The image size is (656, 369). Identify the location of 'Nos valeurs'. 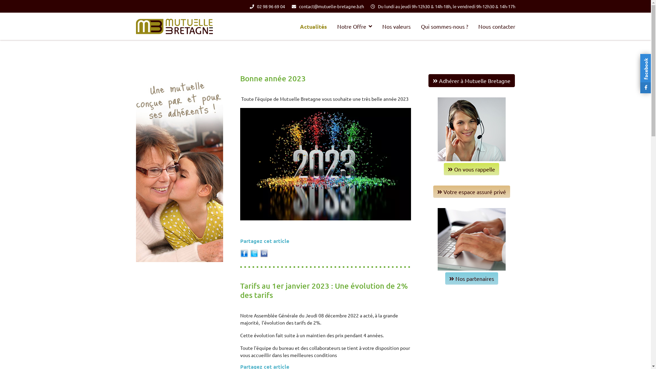
(396, 26).